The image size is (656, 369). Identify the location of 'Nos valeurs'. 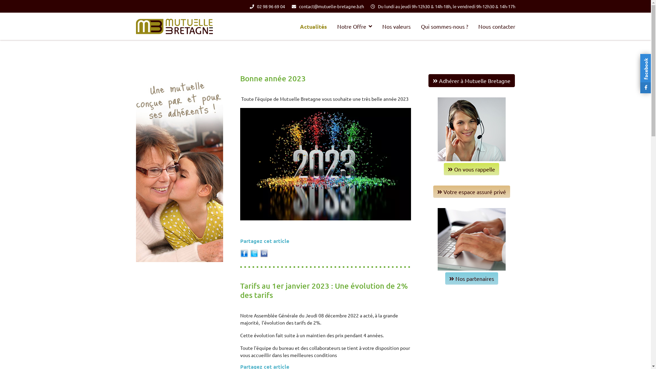
(396, 26).